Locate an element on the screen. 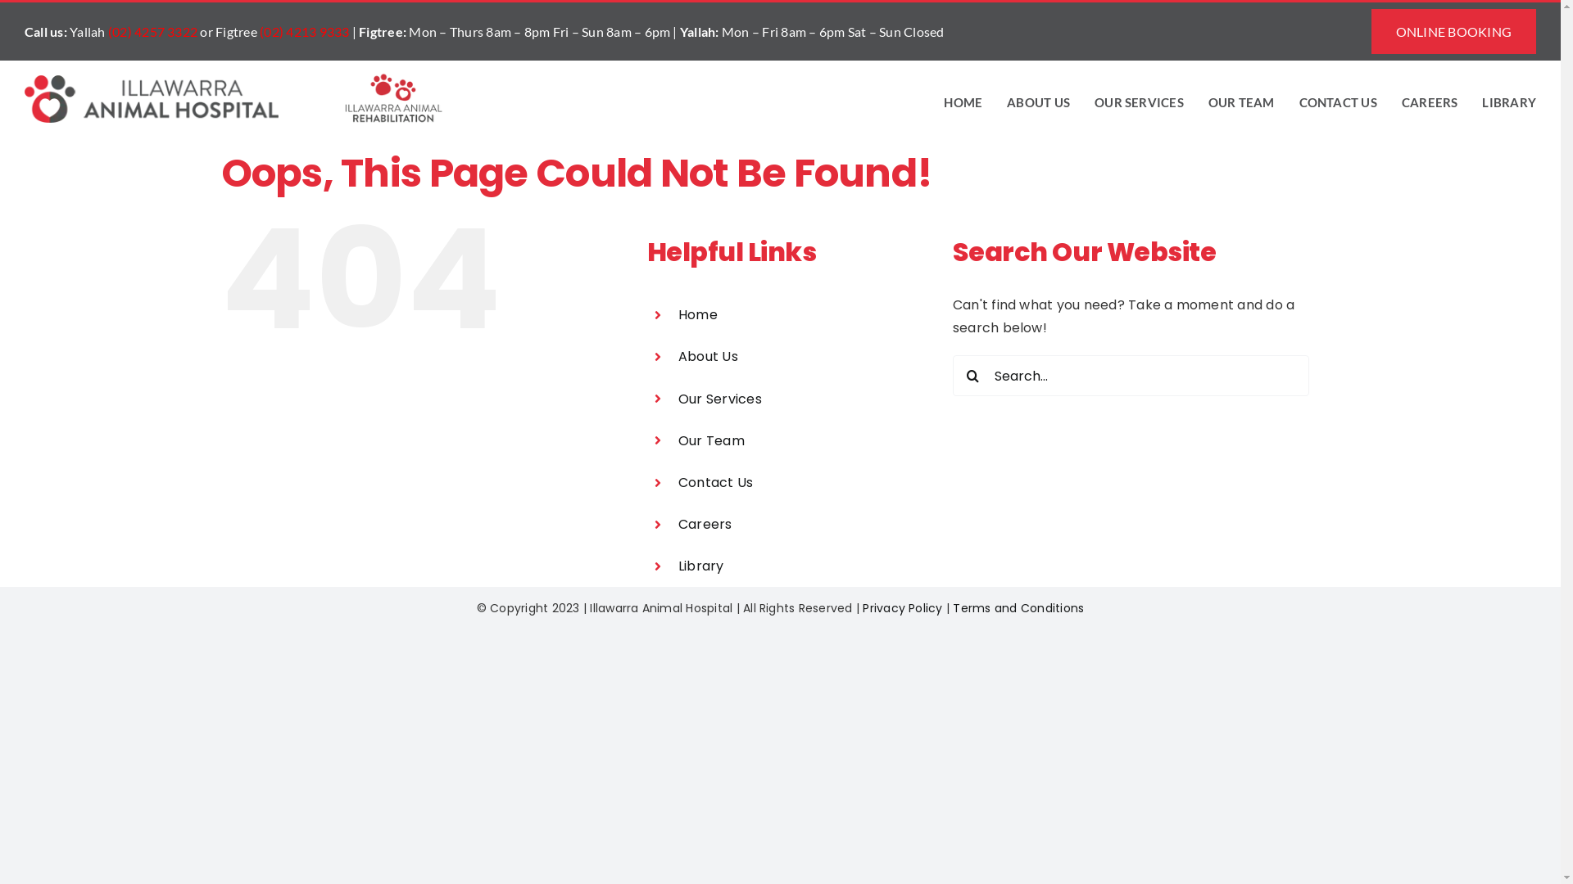 The height and width of the screenshot is (884, 1573). 'Our Team' is located at coordinates (678, 440).